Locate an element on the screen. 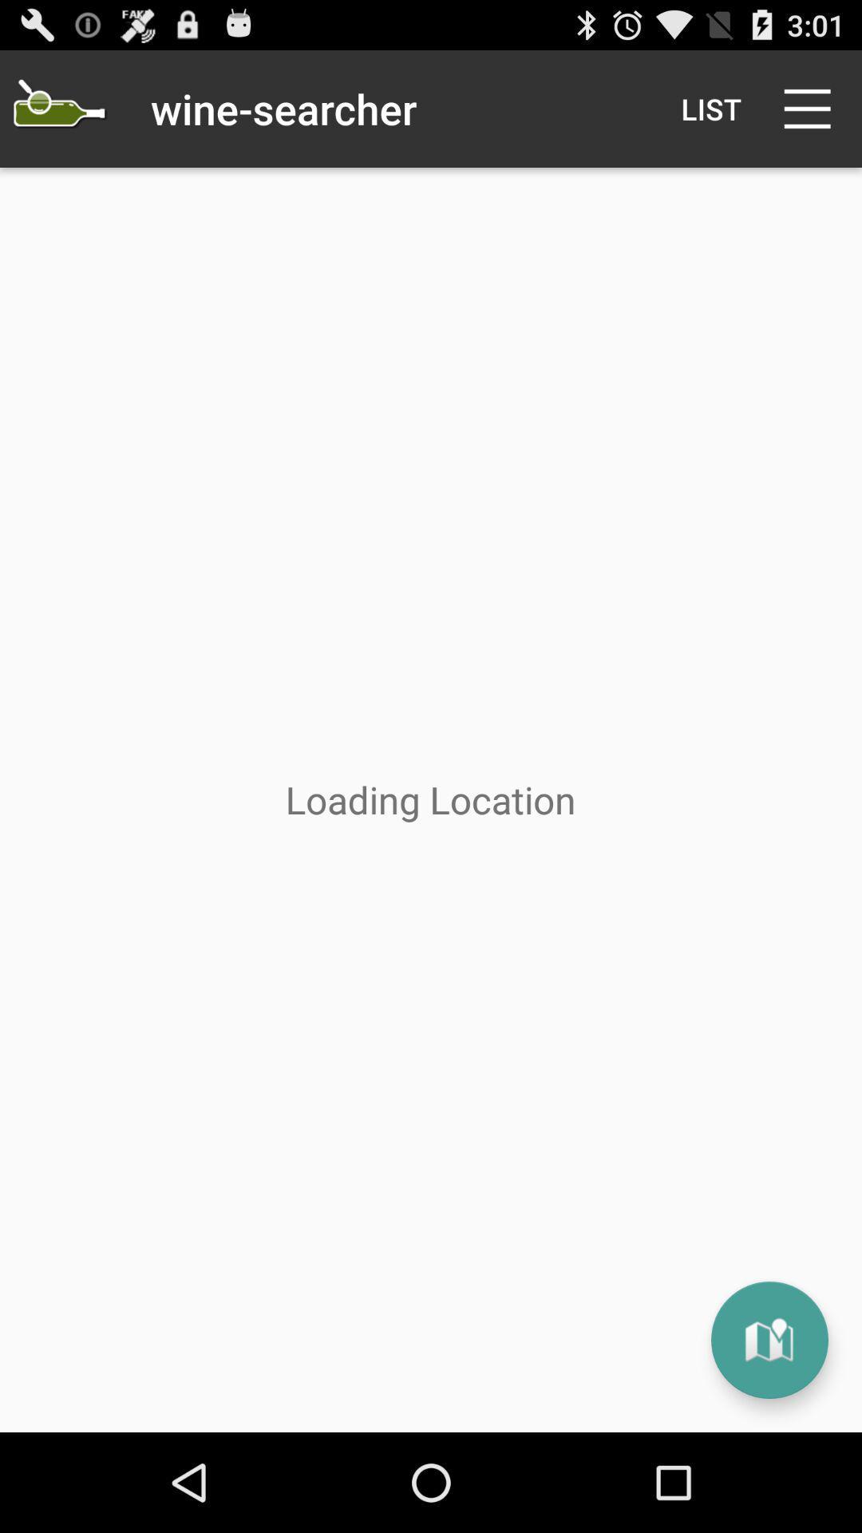  the item next to list is located at coordinates (812, 108).